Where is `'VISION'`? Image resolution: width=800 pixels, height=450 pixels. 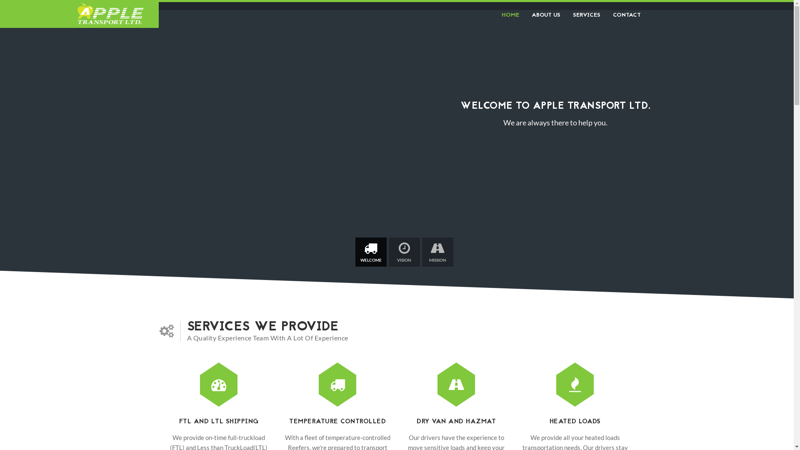 'VISION' is located at coordinates (404, 252).